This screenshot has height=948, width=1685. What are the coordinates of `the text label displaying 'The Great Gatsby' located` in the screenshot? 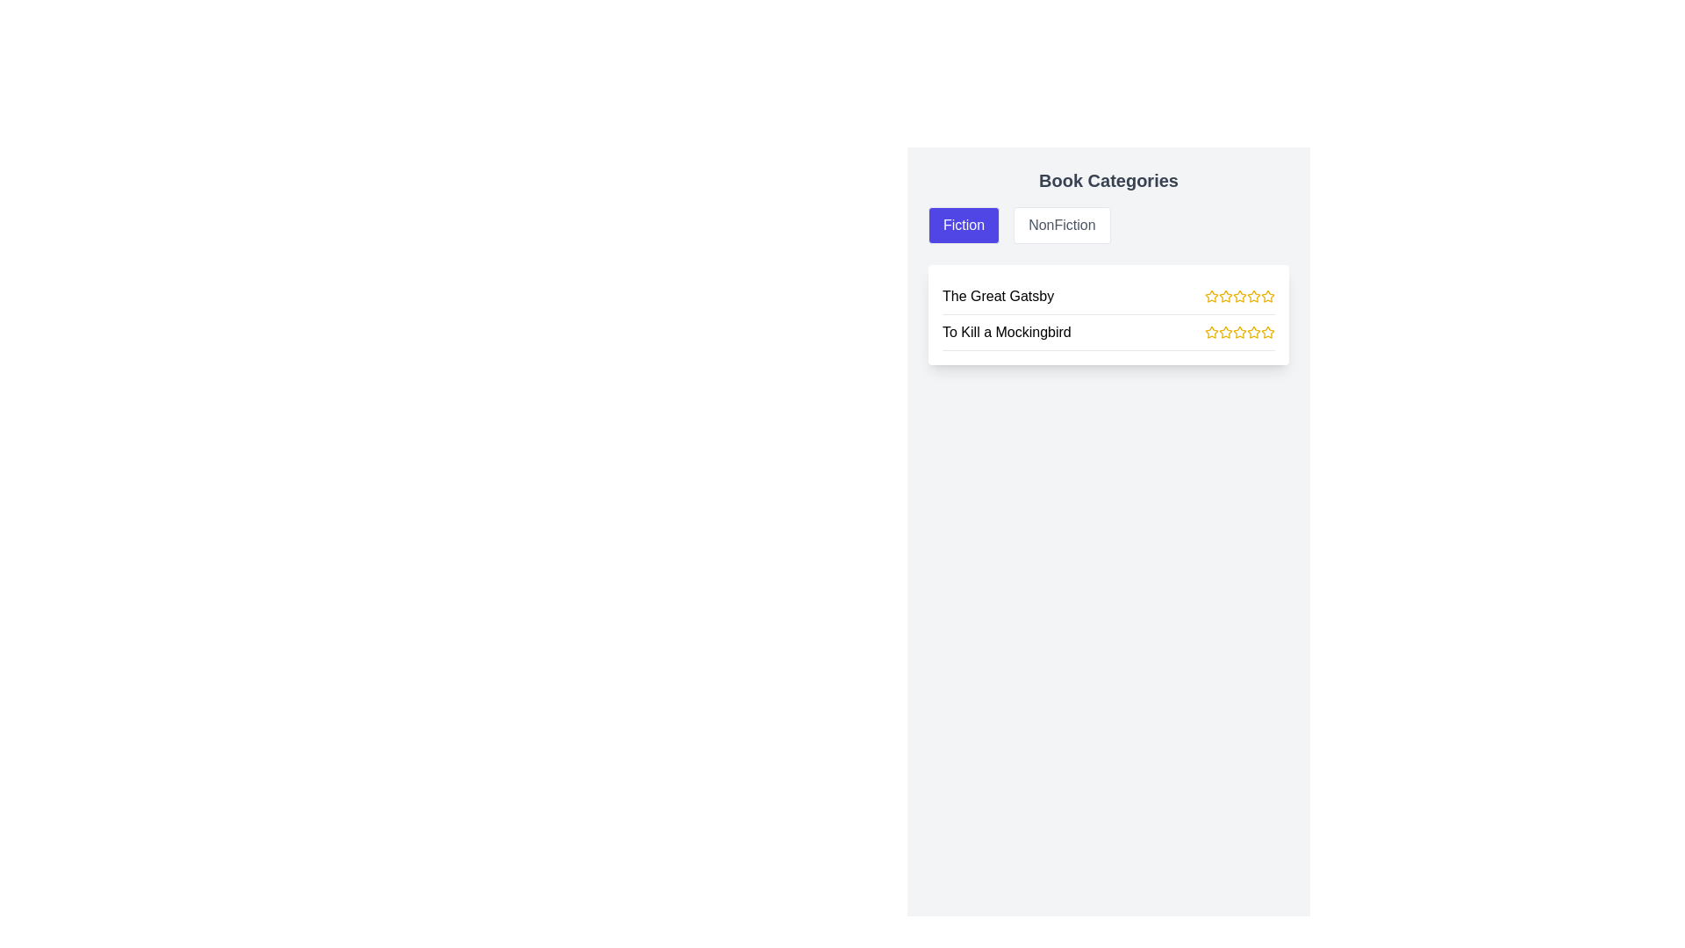 It's located at (998, 296).